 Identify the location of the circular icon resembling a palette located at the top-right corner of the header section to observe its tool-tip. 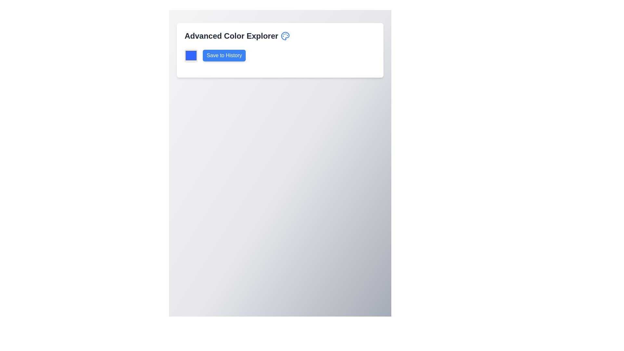
(285, 36).